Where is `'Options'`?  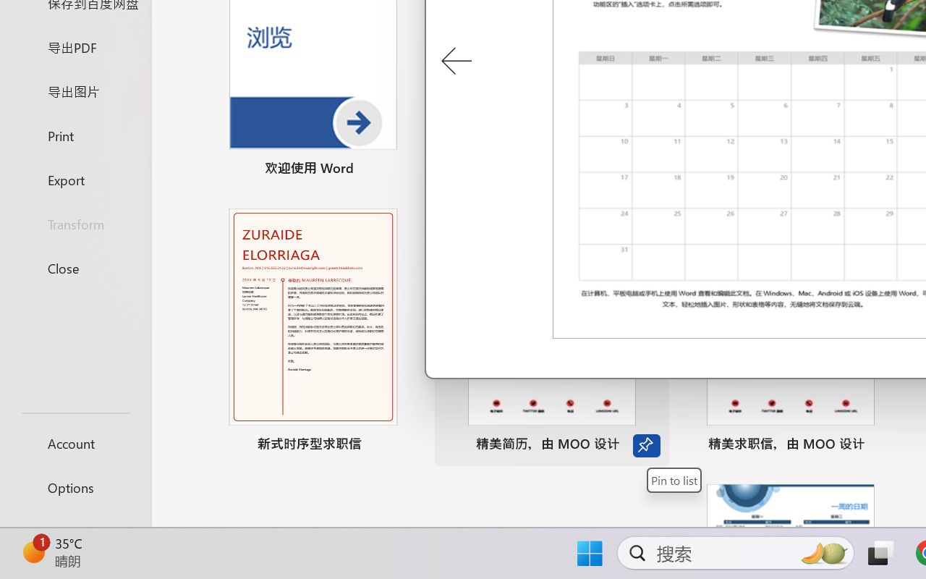
'Options' is located at coordinates (75, 487).